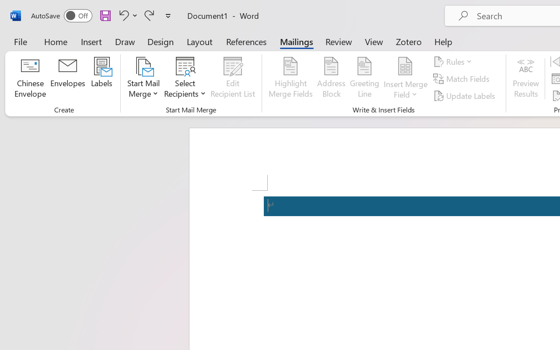  What do you see at coordinates (364, 78) in the screenshot?
I see `'Greeting Line...'` at bounding box center [364, 78].